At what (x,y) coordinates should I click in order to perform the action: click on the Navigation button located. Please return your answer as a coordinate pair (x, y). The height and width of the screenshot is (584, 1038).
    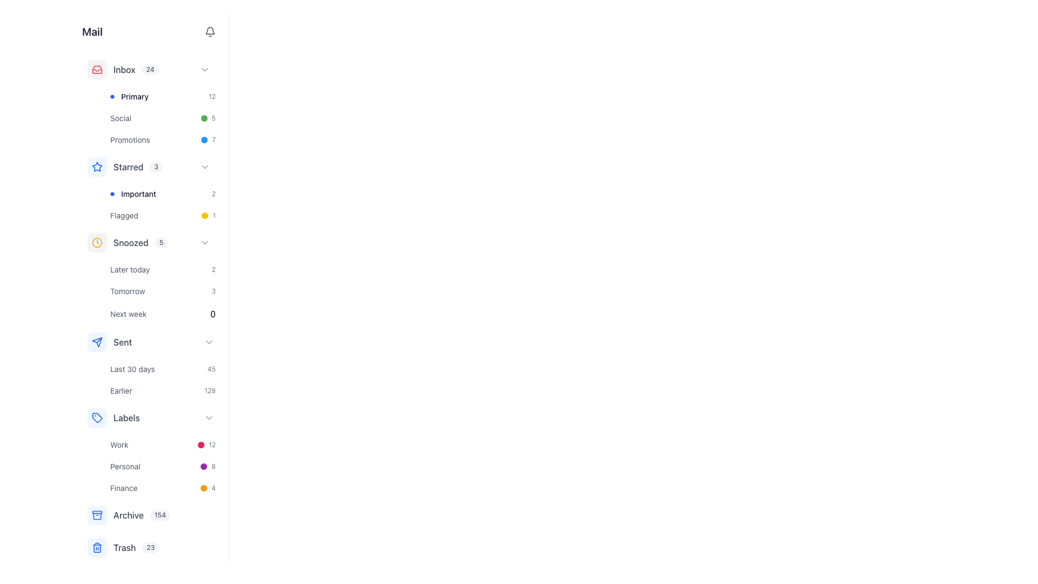
    Looking at the image, I should click on (162, 204).